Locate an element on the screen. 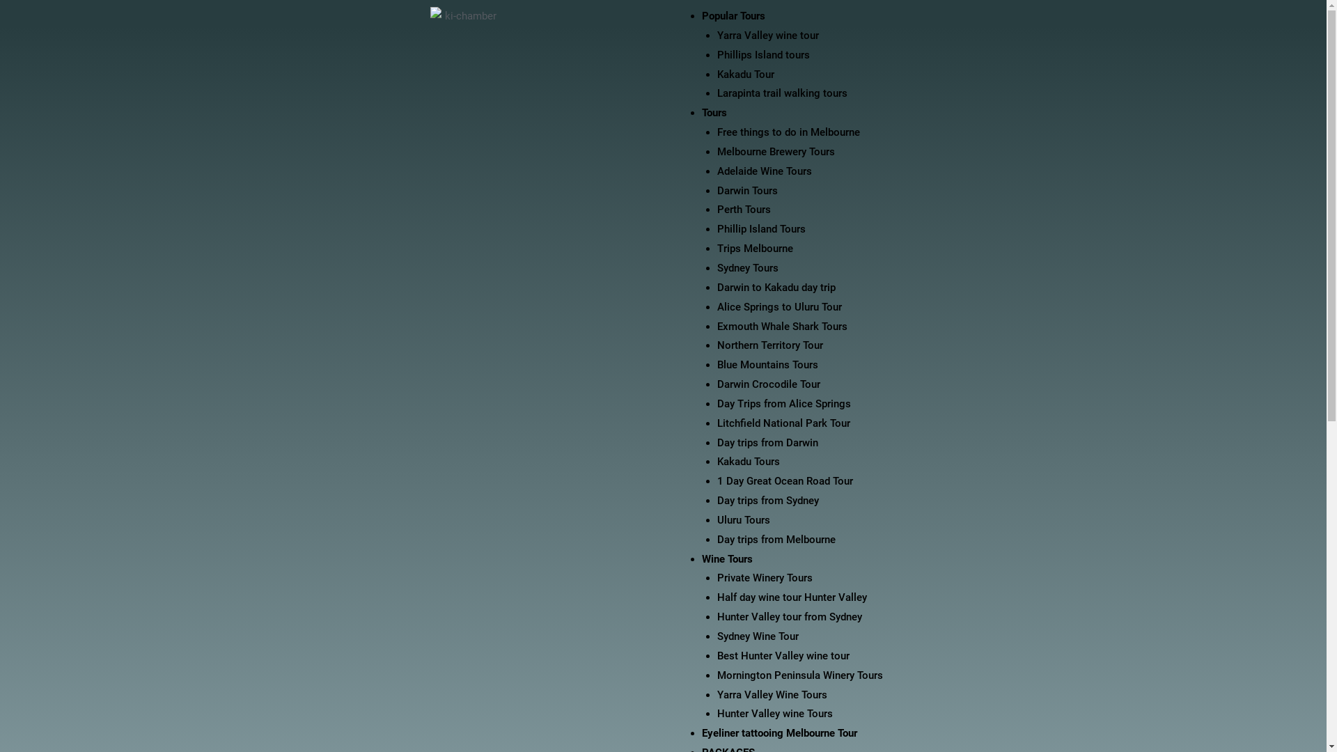 This screenshot has width=1337, height=752. 'Free things to do in Melbourne' is located at coordinates (788, 132).